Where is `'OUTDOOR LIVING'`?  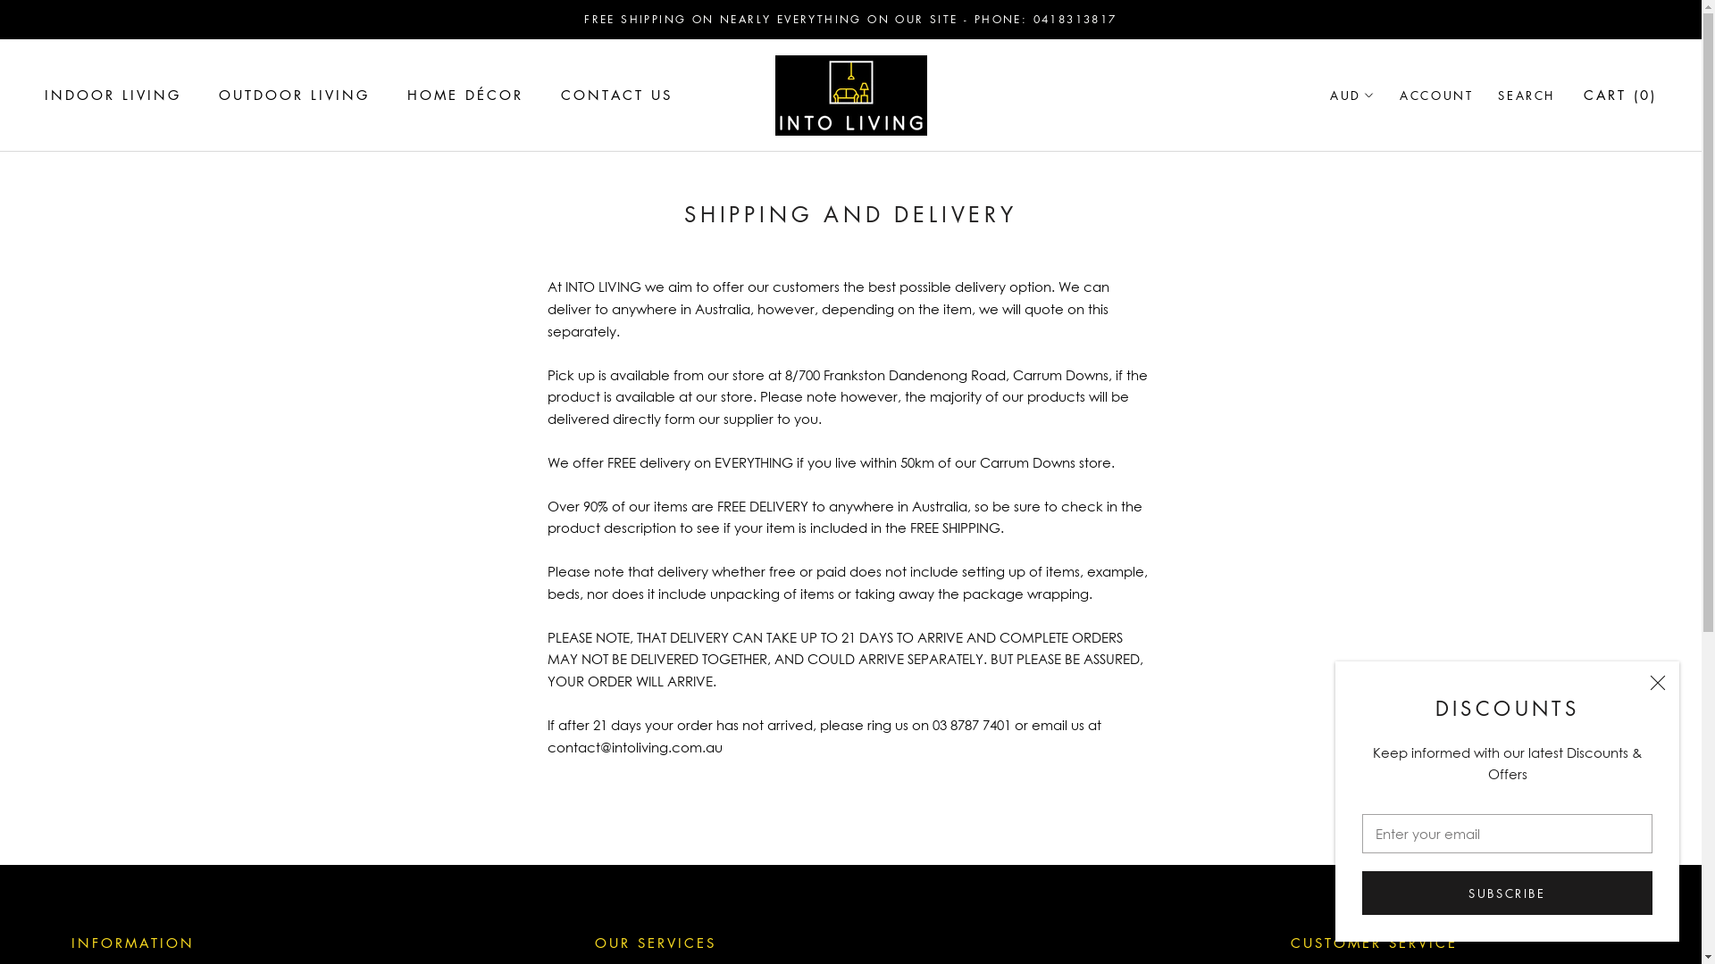
'OUTDOOR LIVING' is located at coordinates (294, 94).